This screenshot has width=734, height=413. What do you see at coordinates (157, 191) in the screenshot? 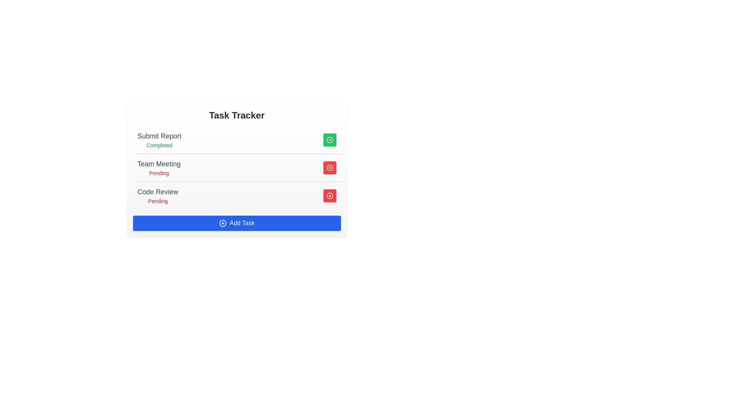
I see `text content of the 'Code Review' task title label located in the third row of the task list within the 'Task Tracker' interface, positioned above the 'Pending' label in red and below the 'Team Meeting' row` at bounding box center [157, 191].